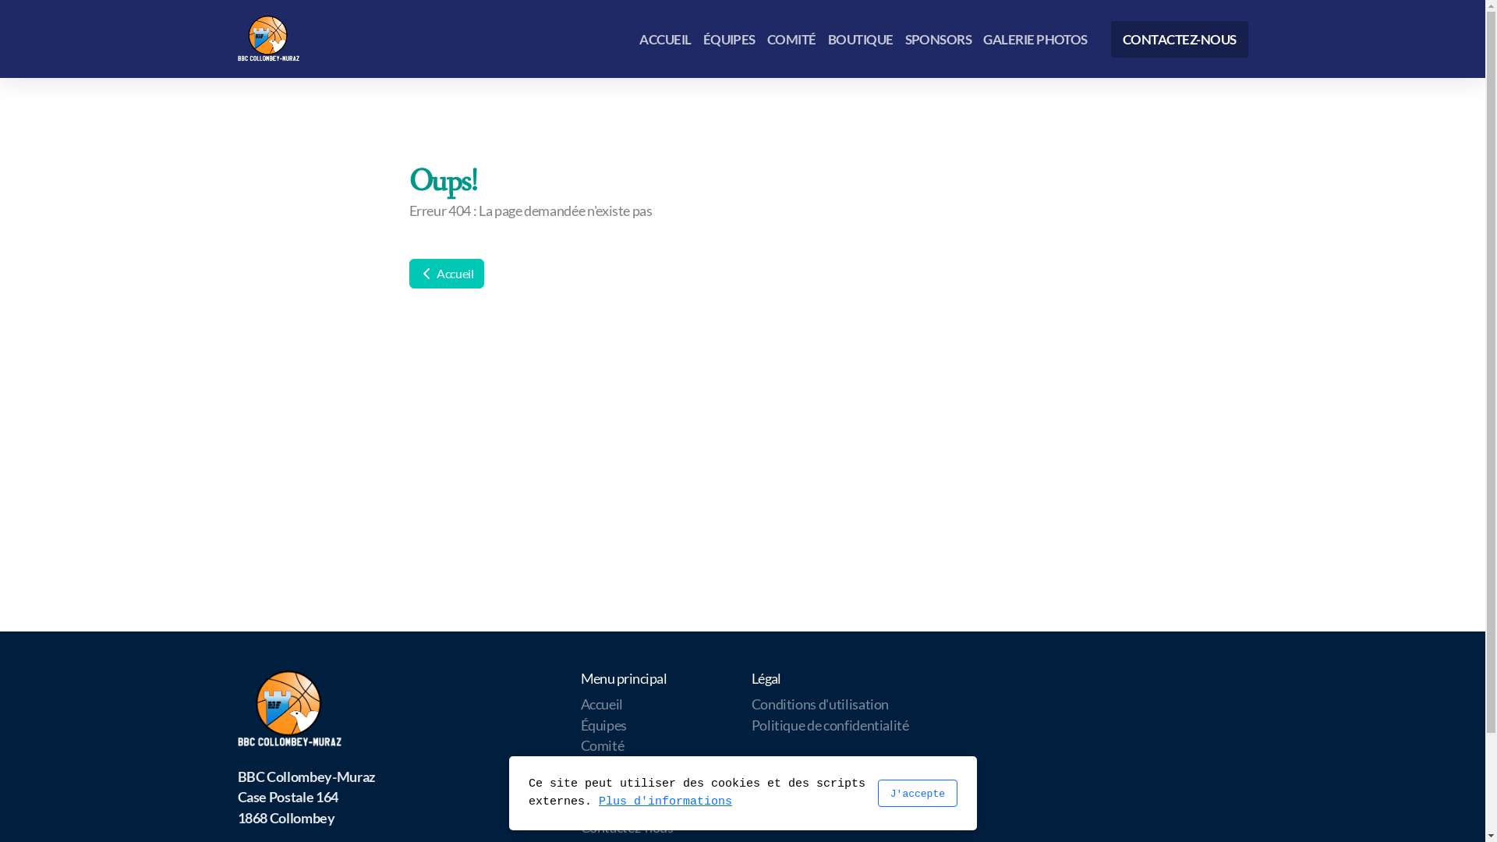  I want to click on 'Accueil', so click(444, 273).